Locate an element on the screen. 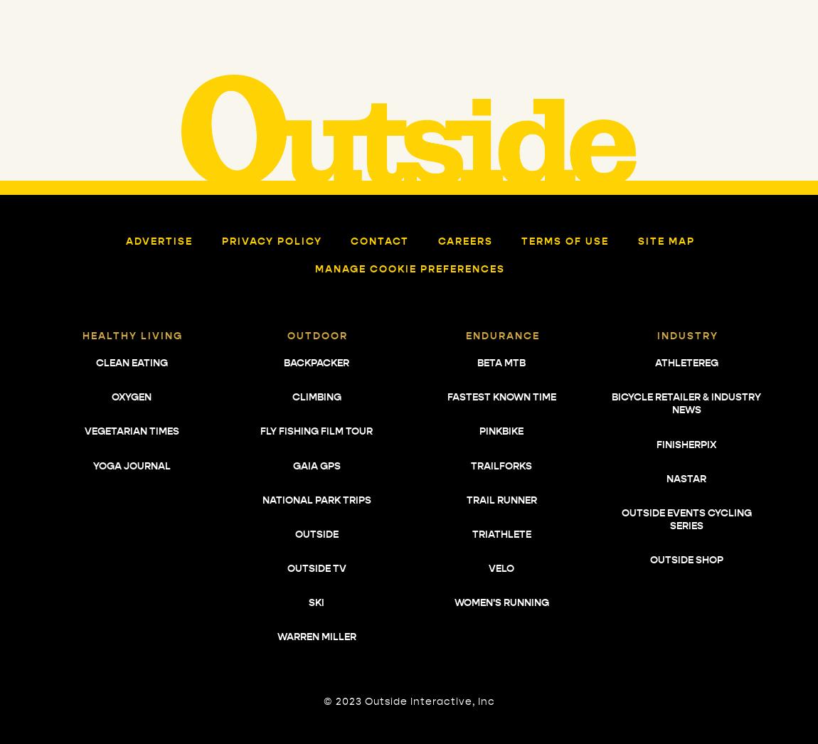 This screenshot has width=818, height=744. 'Contact' is located at coordinates (379, 240).